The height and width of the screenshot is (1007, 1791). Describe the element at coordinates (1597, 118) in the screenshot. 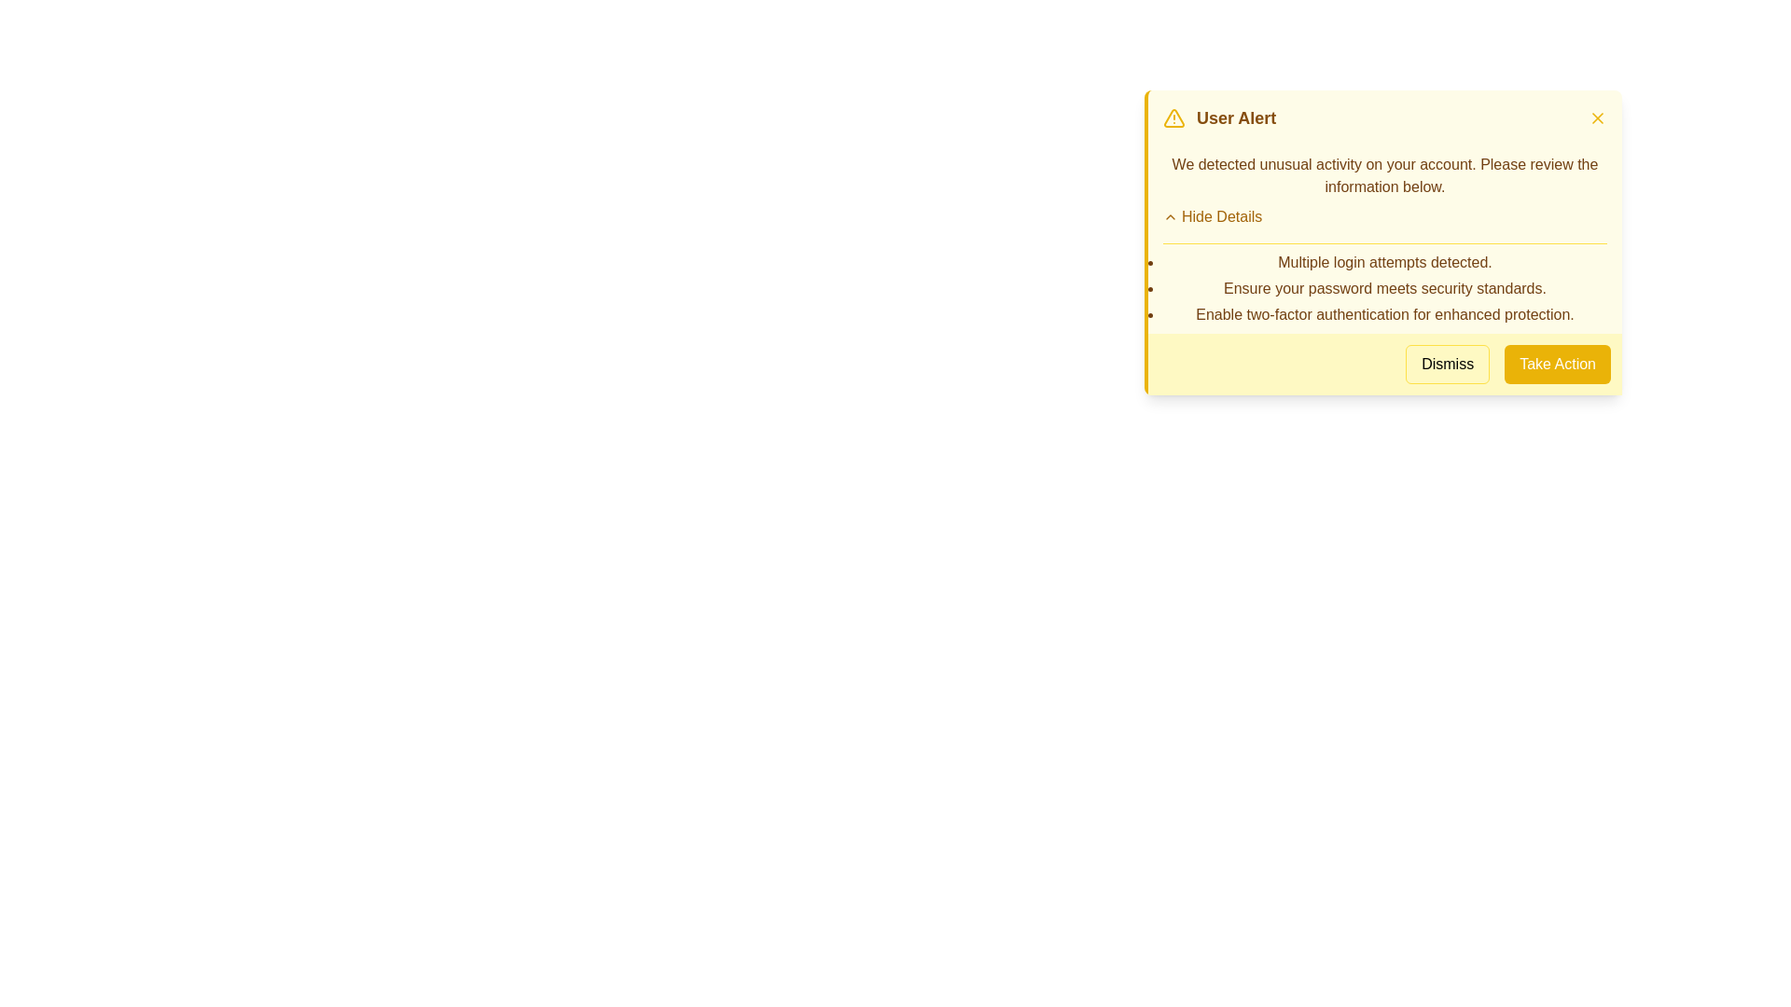

I see `the minimalistic close button represented by an 'X' icon, located in the top-right corner of the 'User Alert' notification card, to change its appearance` at that location.